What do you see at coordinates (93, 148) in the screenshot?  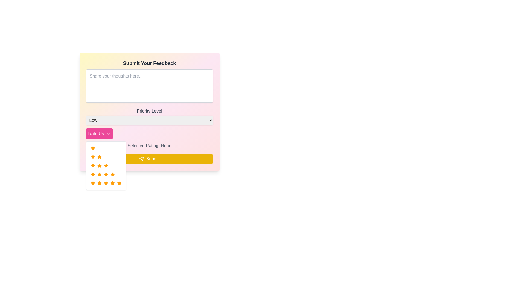 I see `the vibrant orange star-shaped rating icon from the top-left position in the 'Rate Us' dropdown menu` at bounding box center [93, 148].